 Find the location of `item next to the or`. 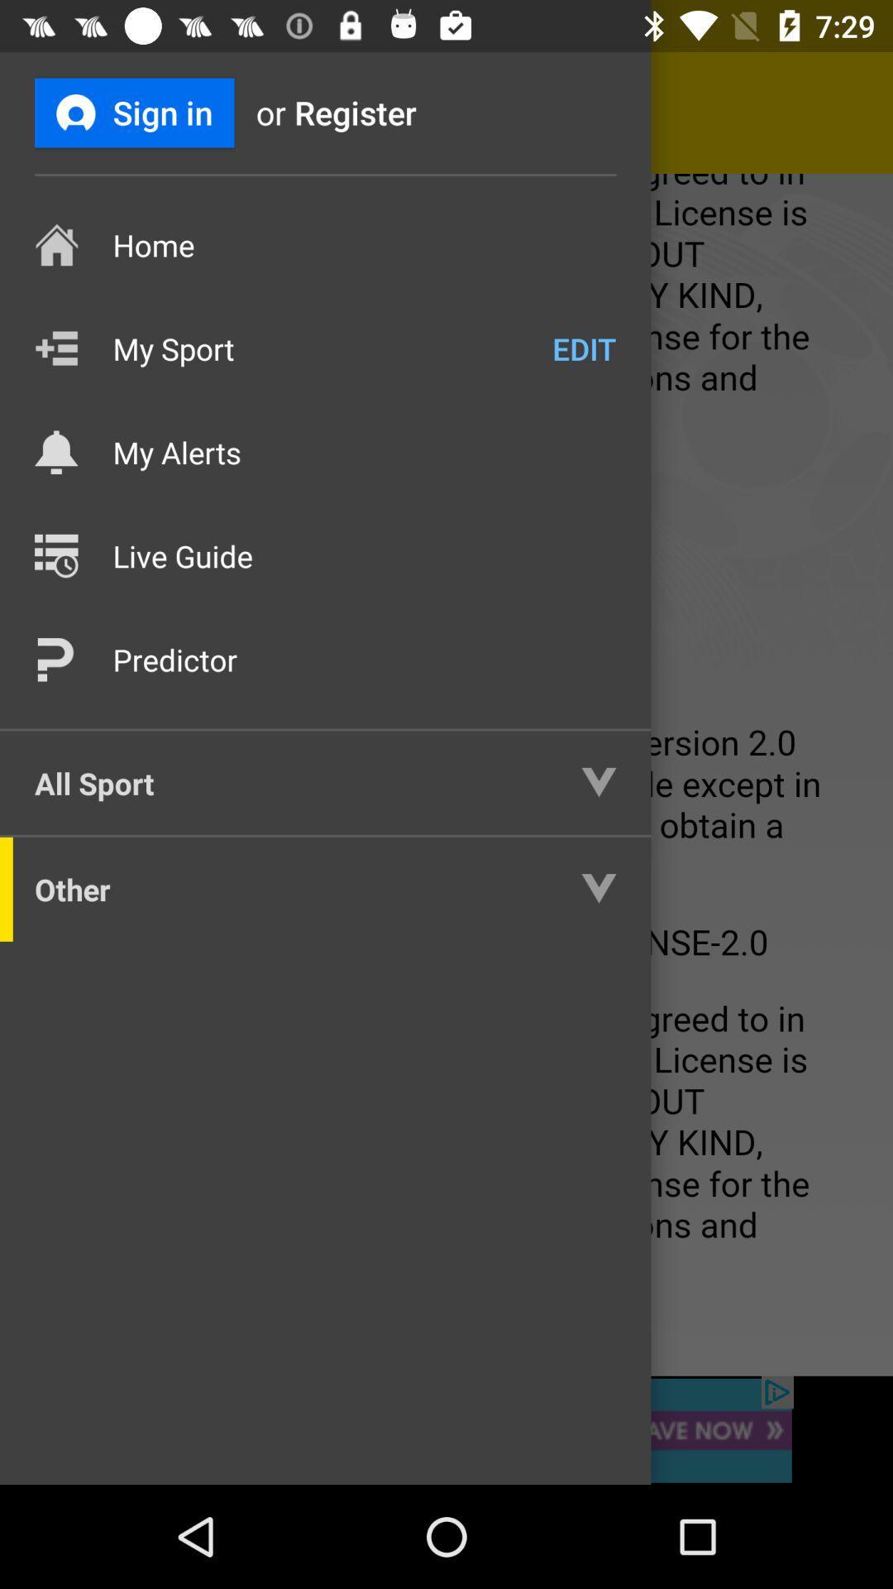

item next to the or is located at coordinates (383, 112).